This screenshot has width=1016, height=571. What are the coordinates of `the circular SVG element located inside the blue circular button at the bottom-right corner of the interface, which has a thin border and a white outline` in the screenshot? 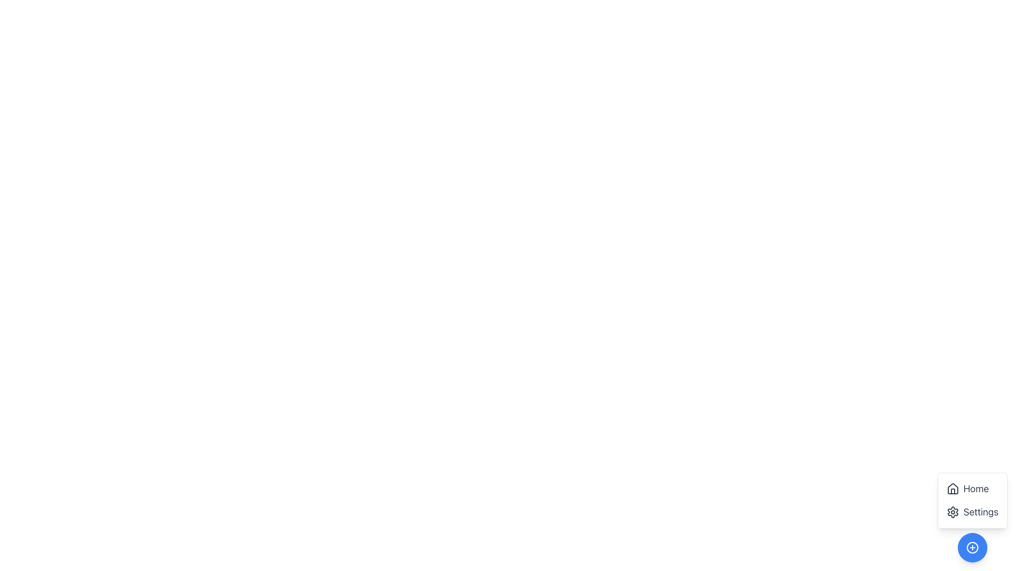 It's located at (972, 547).